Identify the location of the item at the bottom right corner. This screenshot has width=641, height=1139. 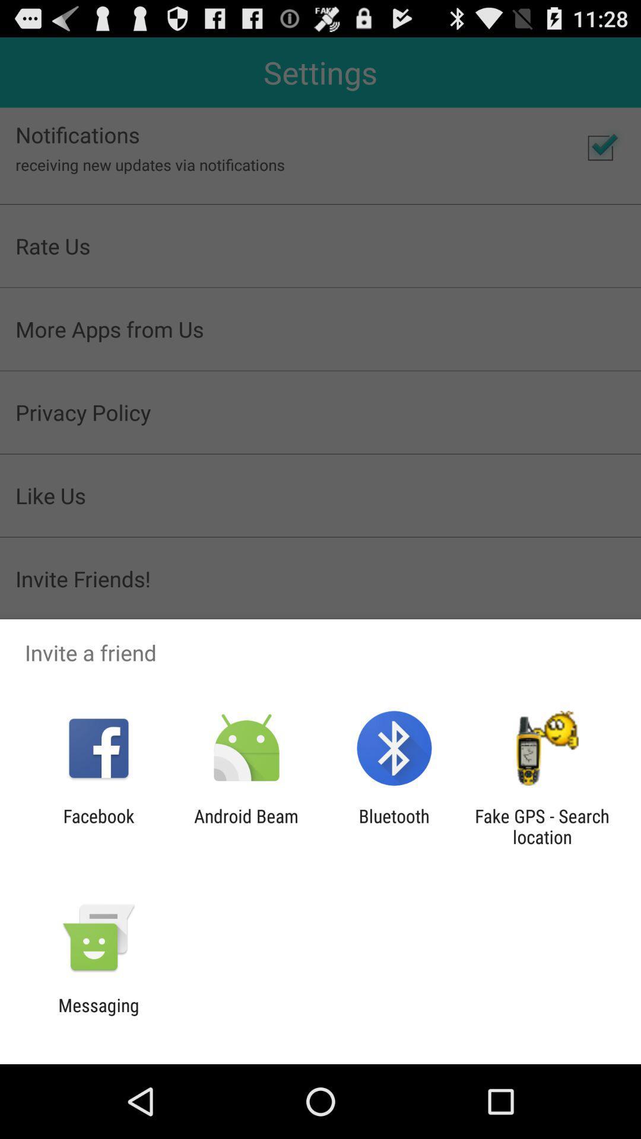
(542, 826).